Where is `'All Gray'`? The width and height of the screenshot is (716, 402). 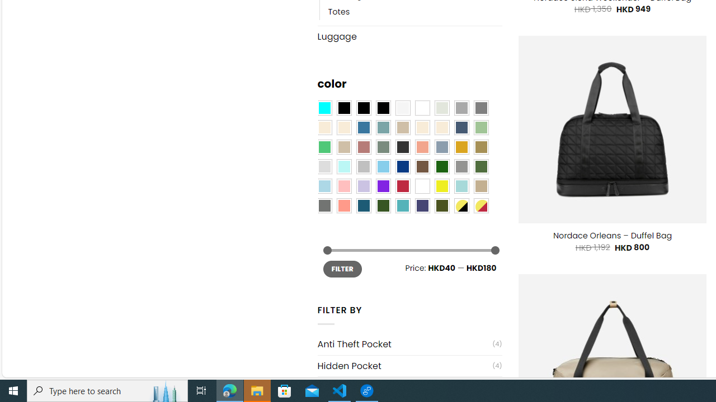
'All Gray' is located at coordinates (481, 108).